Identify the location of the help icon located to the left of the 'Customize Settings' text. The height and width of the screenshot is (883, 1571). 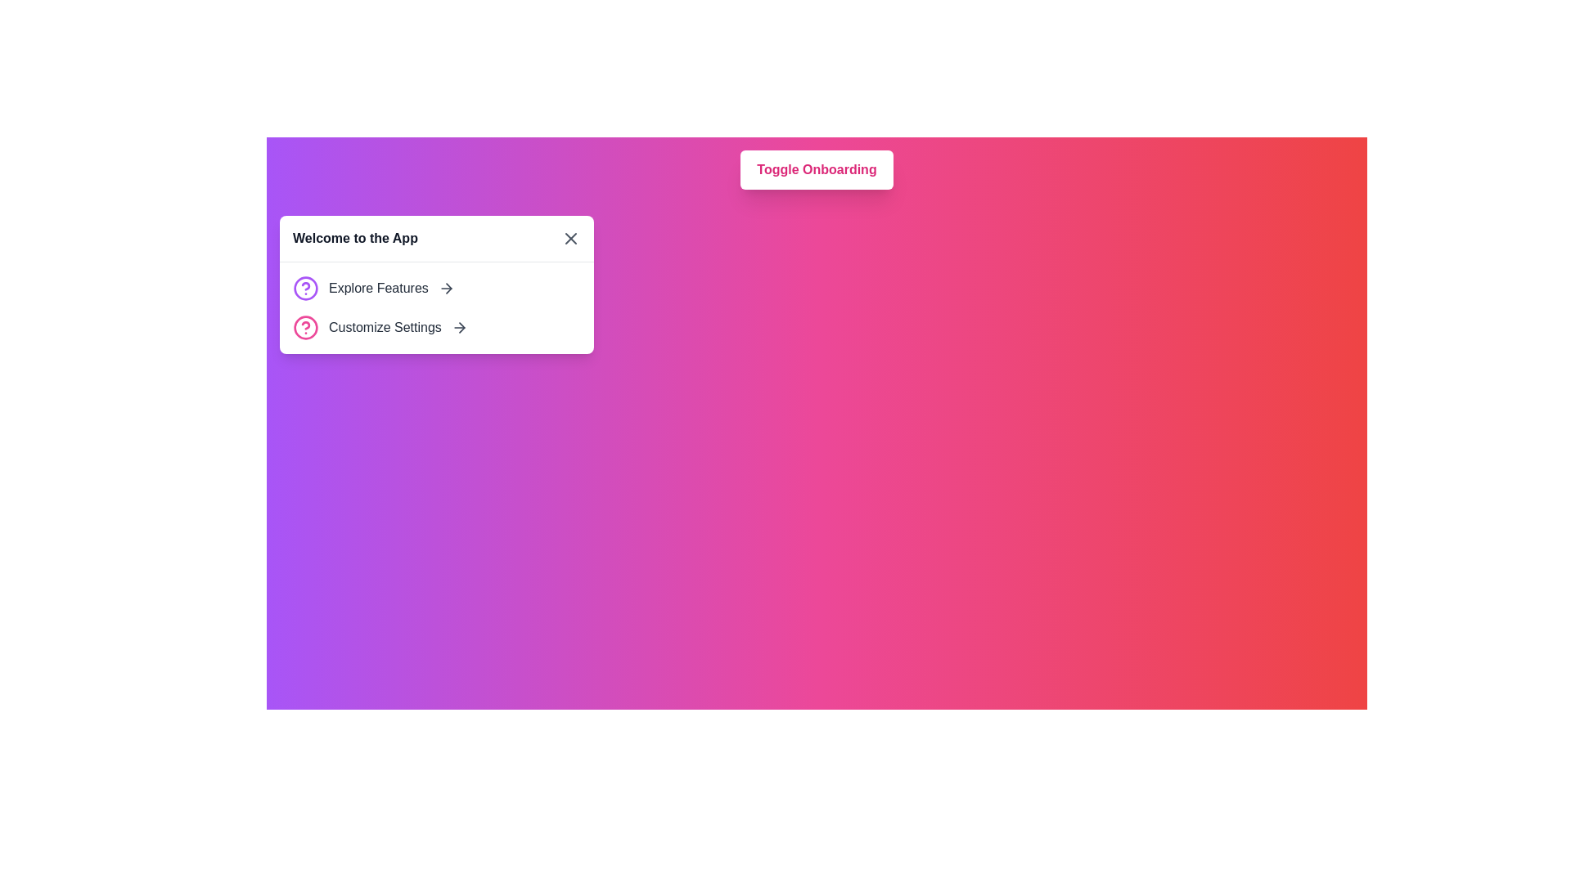
(306, 328).